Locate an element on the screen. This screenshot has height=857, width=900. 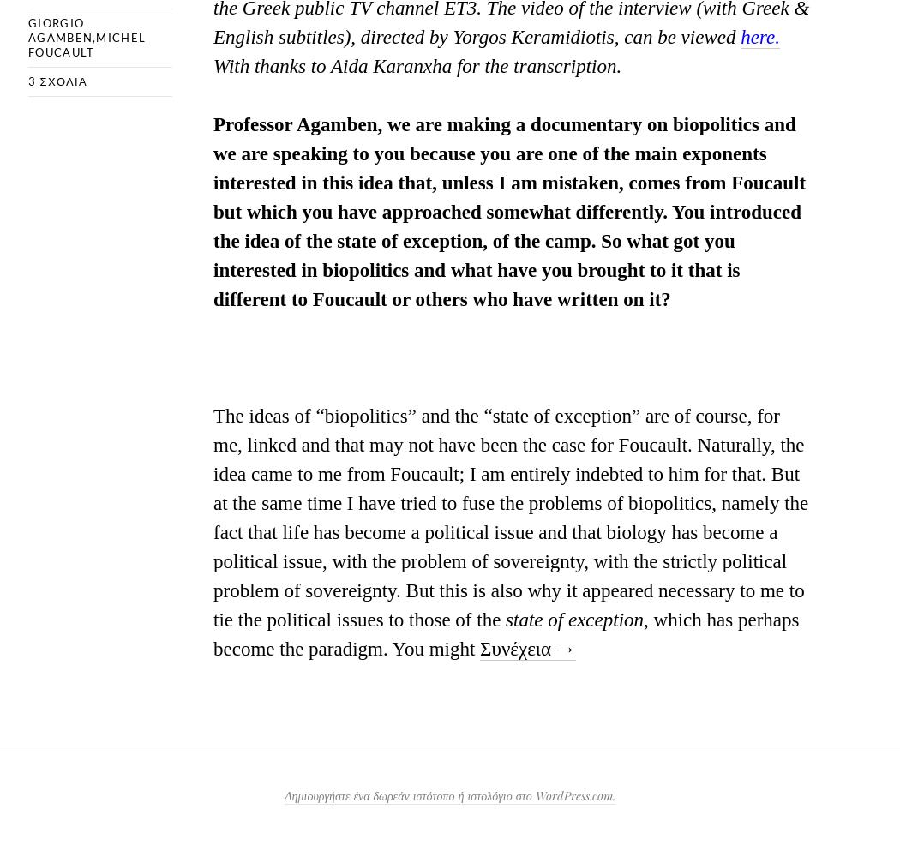
'With thanks to Aida Karanxha for the transcription.' is located at coordinates (417, 64).